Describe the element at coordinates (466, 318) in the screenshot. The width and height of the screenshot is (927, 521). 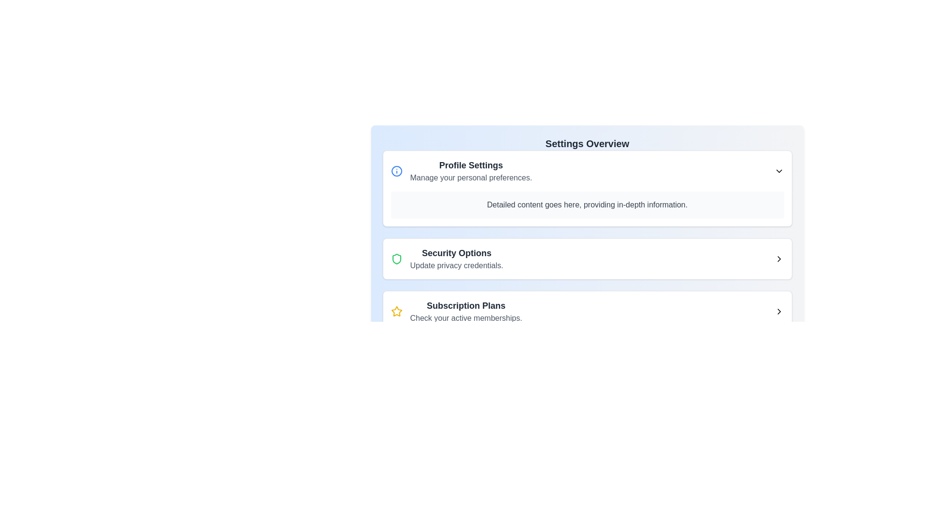
I see `the Static Text Label that reads 'Check your active memberships.' which is located below the header 'Subscription Plans'` at that location.